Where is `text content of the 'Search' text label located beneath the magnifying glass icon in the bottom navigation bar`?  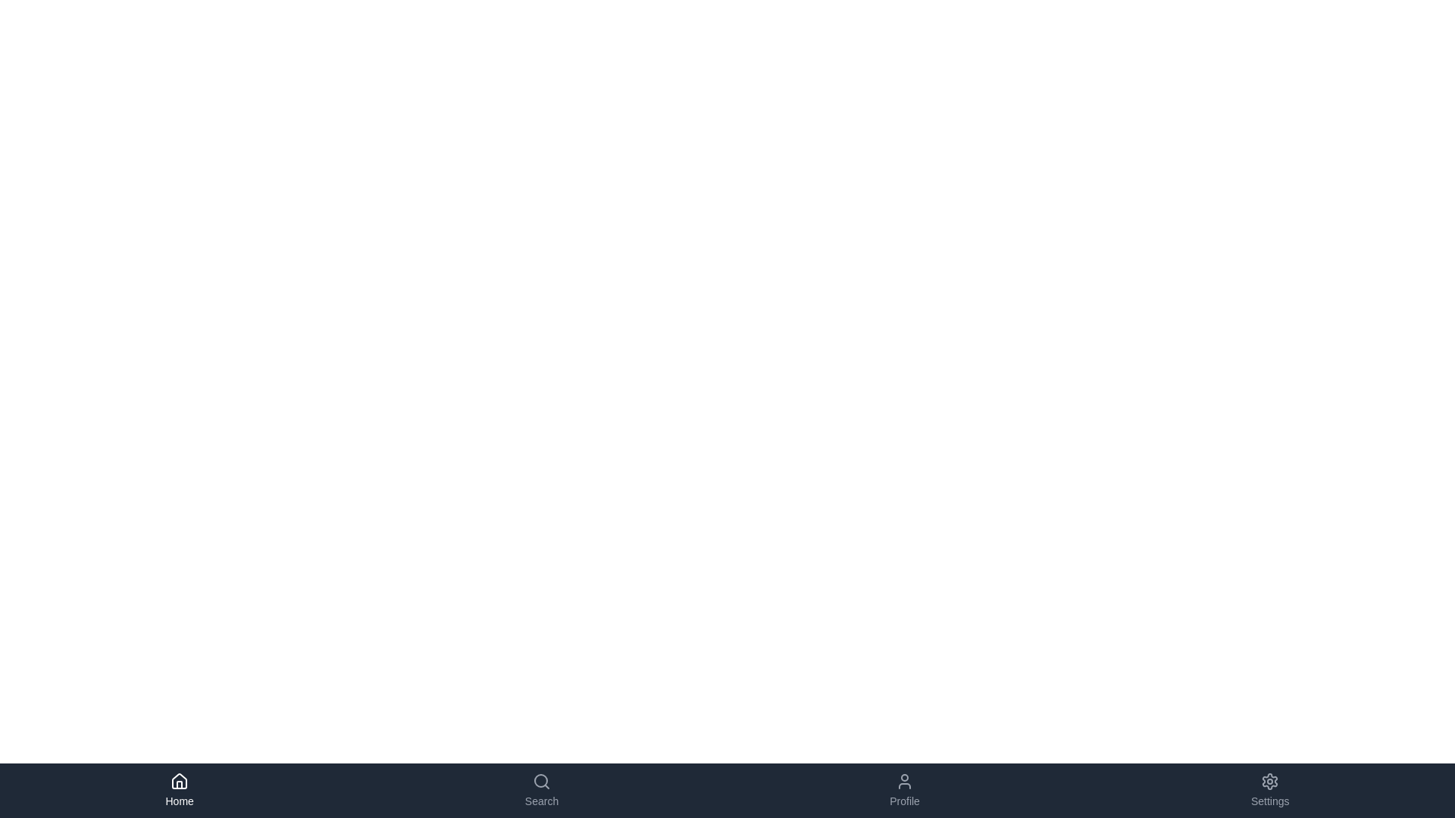 text content of the 'Search' text label located beneath the magnifying glass icon in the bottom navigation bar is located at coordinates (542, 800).